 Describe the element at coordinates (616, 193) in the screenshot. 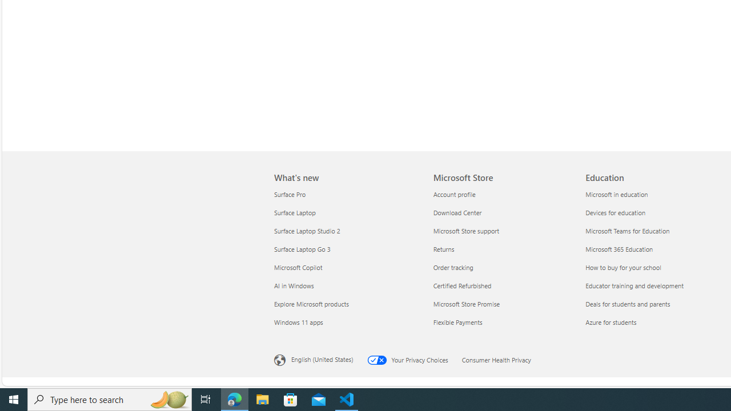

I see `'Microsoft in education Education'` at that location.